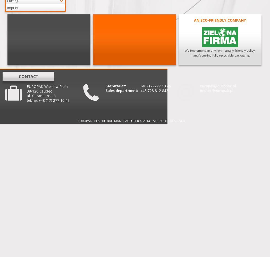 Image resolution: width=270 pixels, height=257 pixels. What do you see at coordinates (218, 86) in the screenshot?
I see `'europak@europak.pl'` at bounding box center [218, 86].